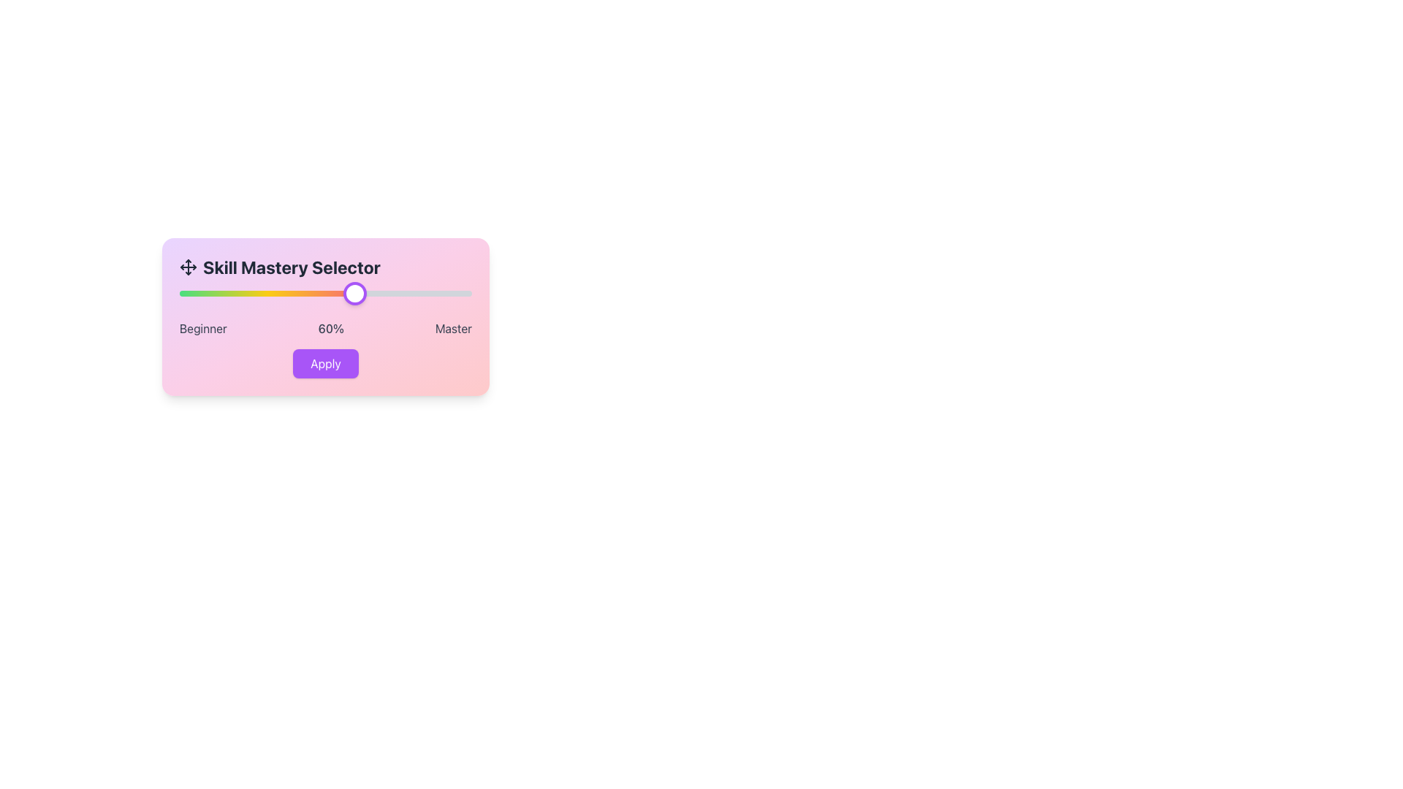 The height and width of the screenshot is (789, 1403). Describe the element at coordinates (387, 293) in the screenshot. I see `the slider position` at that location.